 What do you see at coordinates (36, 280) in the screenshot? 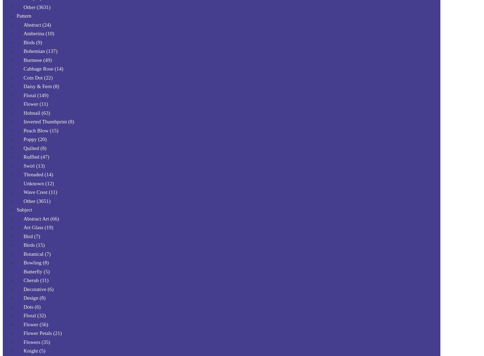
I see `'Cherub (11)'` at bounding box center [36, 280].